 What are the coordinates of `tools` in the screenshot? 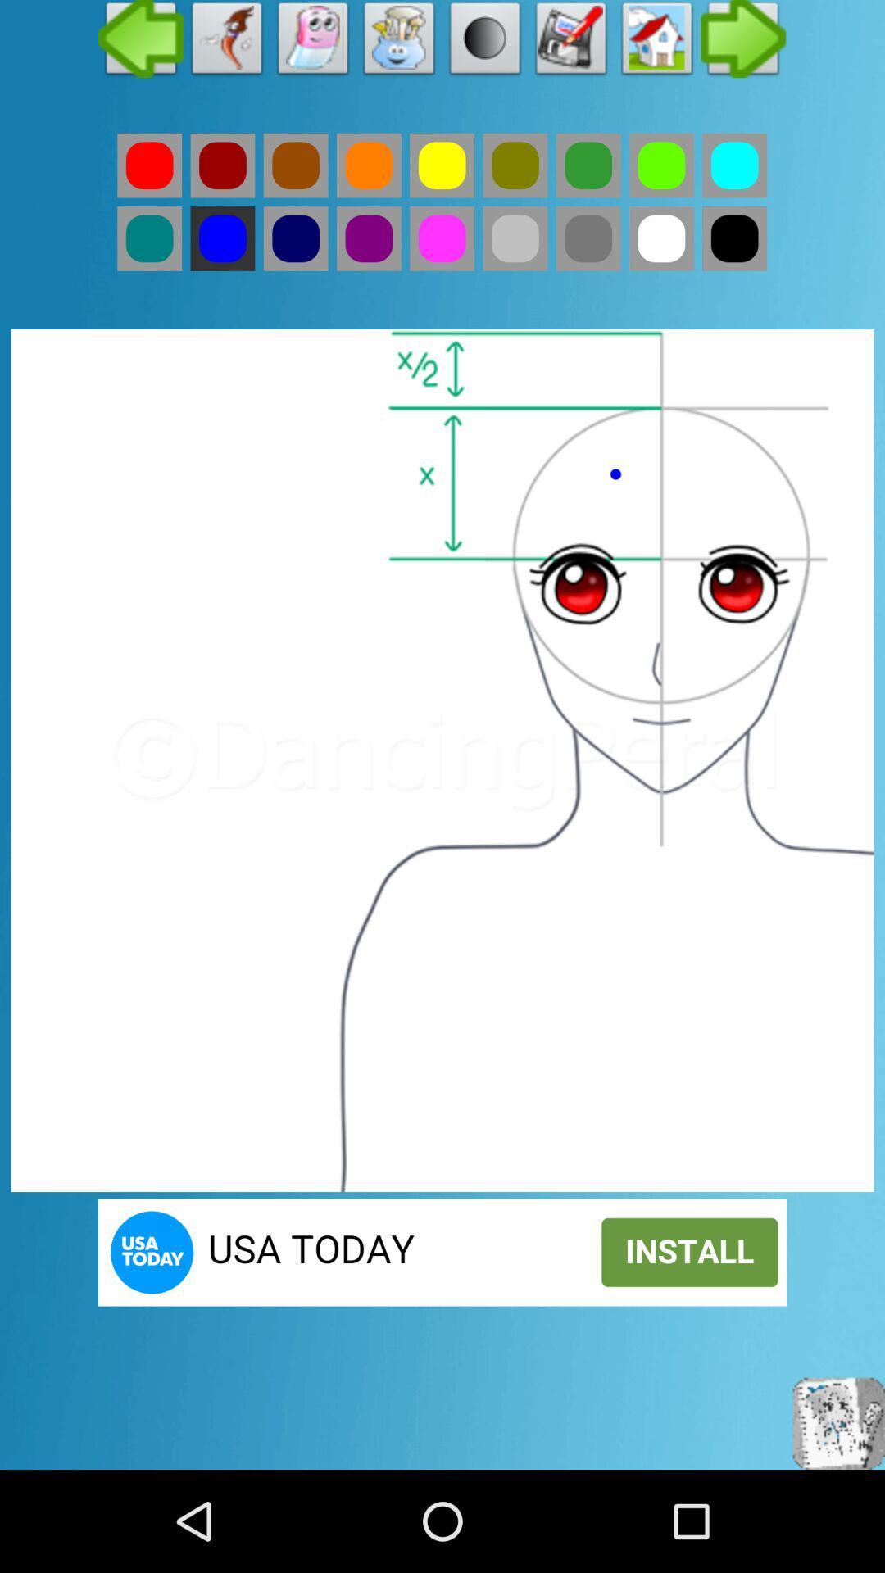 It's located at (399, 43).